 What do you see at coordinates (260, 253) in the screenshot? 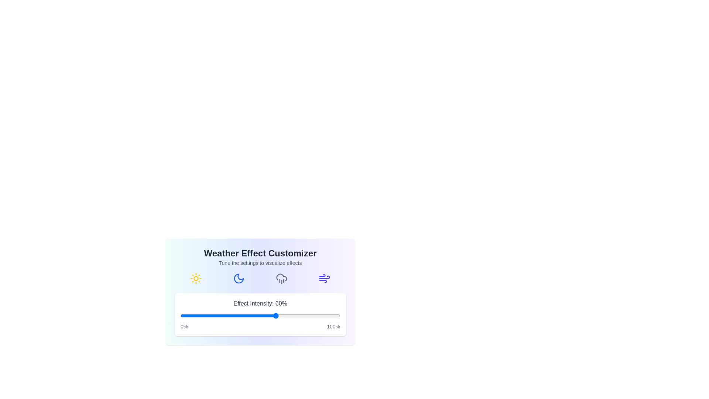
I see `the text element 'Weather Effect Customizer', which is displayed in bold and larger font at the top-center of its card-like interface` at bounding box center [260, 253].